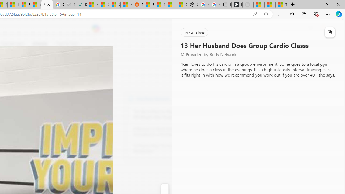 The height and width of the screenshot is (194, 345). What do you see at coordinates (49, 69) in the screenshot?
I see `'Go to publisher'` at bounding box center [49, 69].